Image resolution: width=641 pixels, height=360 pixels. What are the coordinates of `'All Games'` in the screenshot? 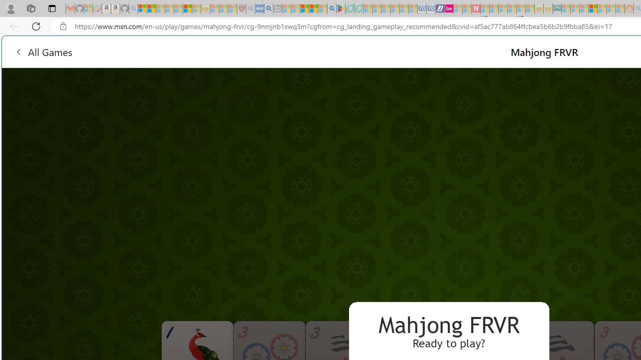 It's located at (43, 51).